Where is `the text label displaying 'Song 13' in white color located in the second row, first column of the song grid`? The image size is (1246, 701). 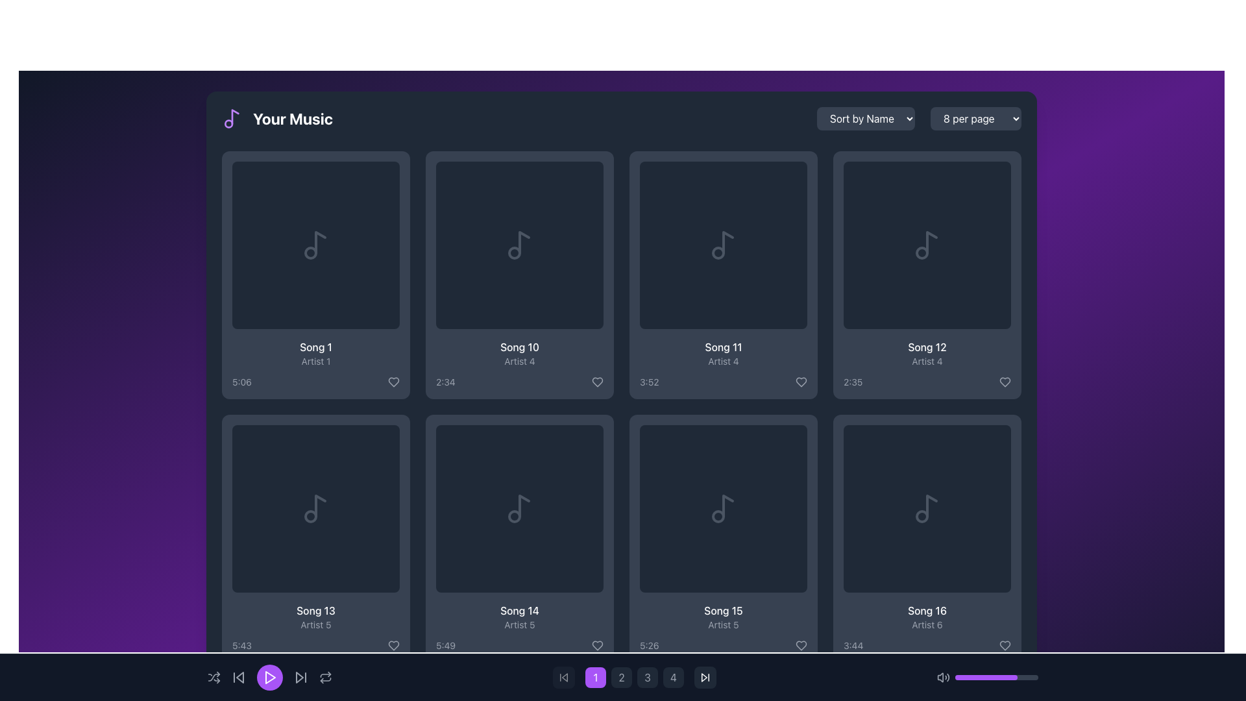 the text label displaying 'Song 13' in white color located in the second row, first column of the song grid is located at coordinates (315, 611).